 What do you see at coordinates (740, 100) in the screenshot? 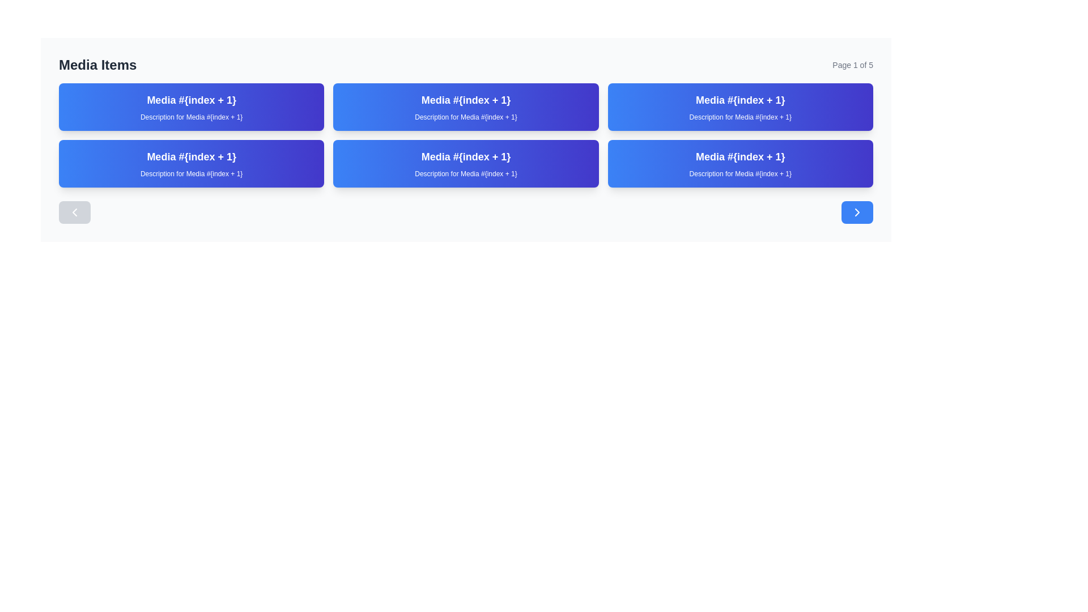
I see `text from the large, bold white label displaying 'Media #{index + 1}' located at the center of the upper part of a card-like component in the top row and third column of the grid layout` at bounding box center [740, 100].